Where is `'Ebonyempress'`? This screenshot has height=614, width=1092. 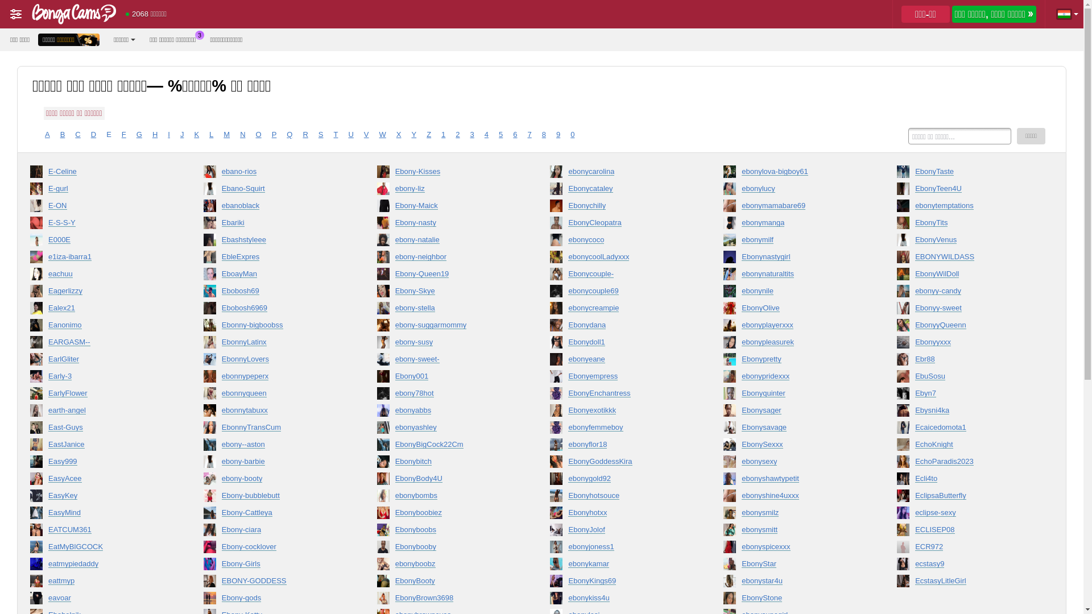
'Ebonyempress' is located at coordinates (619, 379).